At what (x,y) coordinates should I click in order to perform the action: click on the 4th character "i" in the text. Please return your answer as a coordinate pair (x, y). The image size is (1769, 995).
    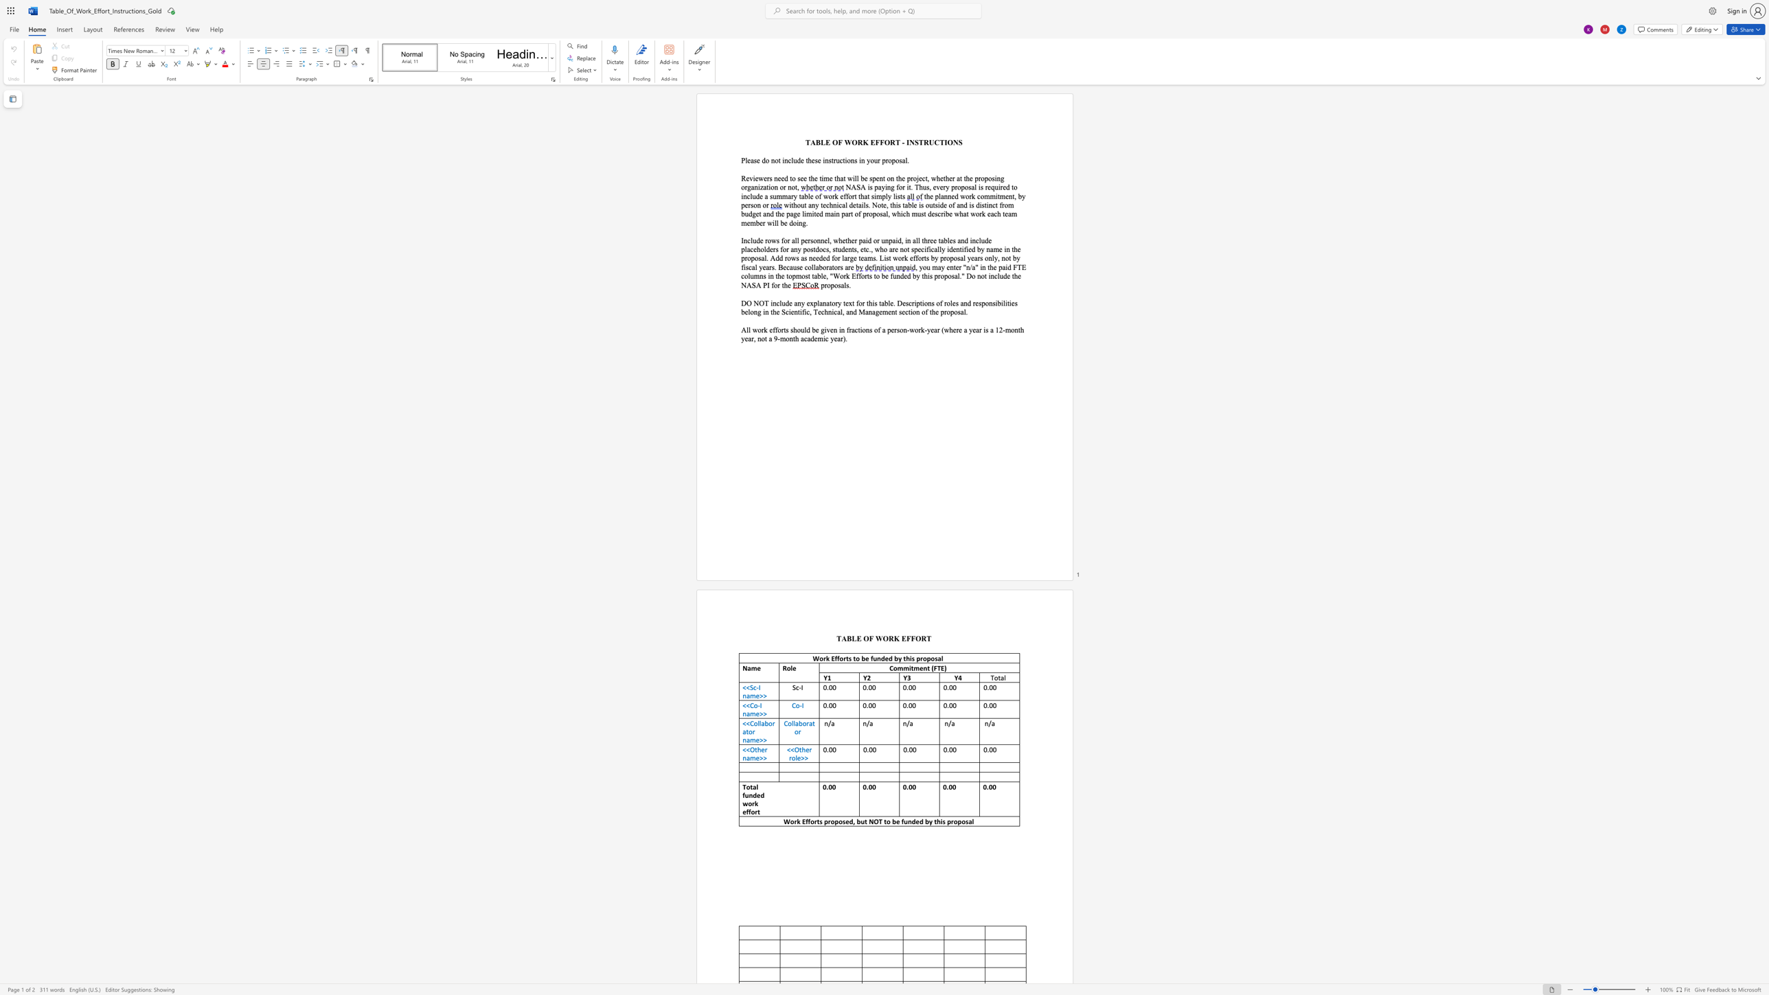
    Looking at the image, I should click on (860, 160).